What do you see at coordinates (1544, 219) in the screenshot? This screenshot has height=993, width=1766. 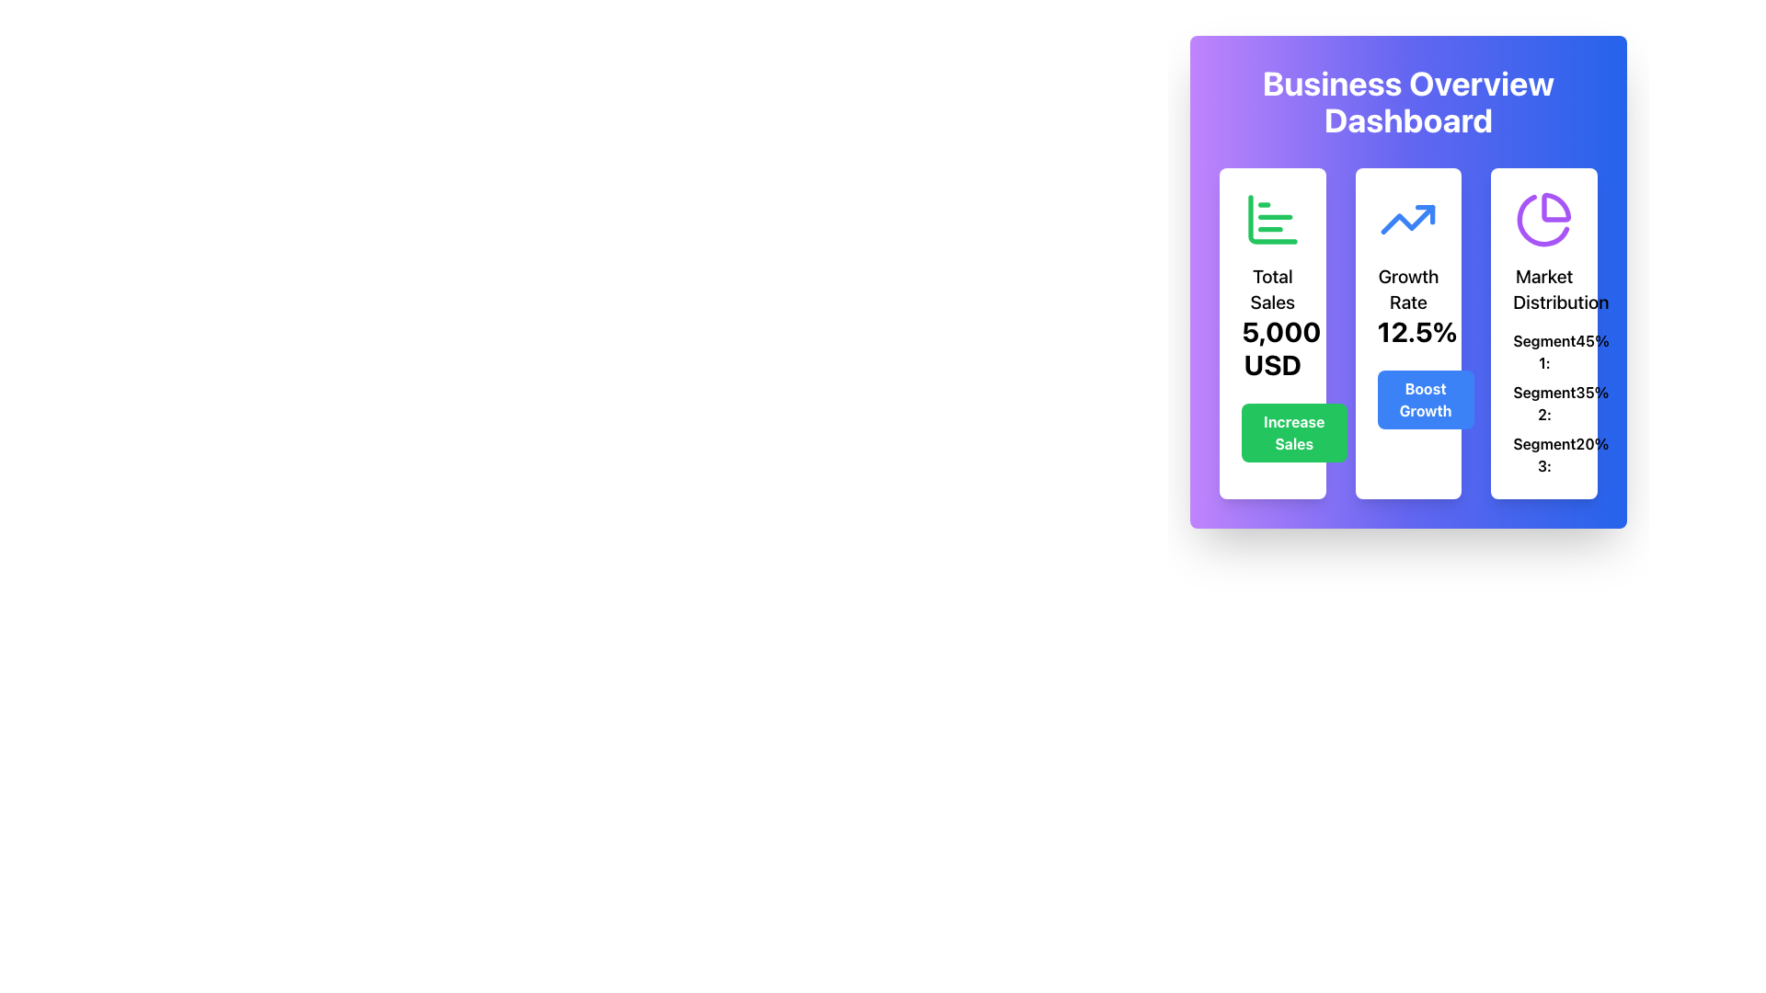 I see `the pie chart icon styled in purple, located in the top center of the 'Market Distribution' section, positioned above the text and segments` at bounding box center [1544, 219].